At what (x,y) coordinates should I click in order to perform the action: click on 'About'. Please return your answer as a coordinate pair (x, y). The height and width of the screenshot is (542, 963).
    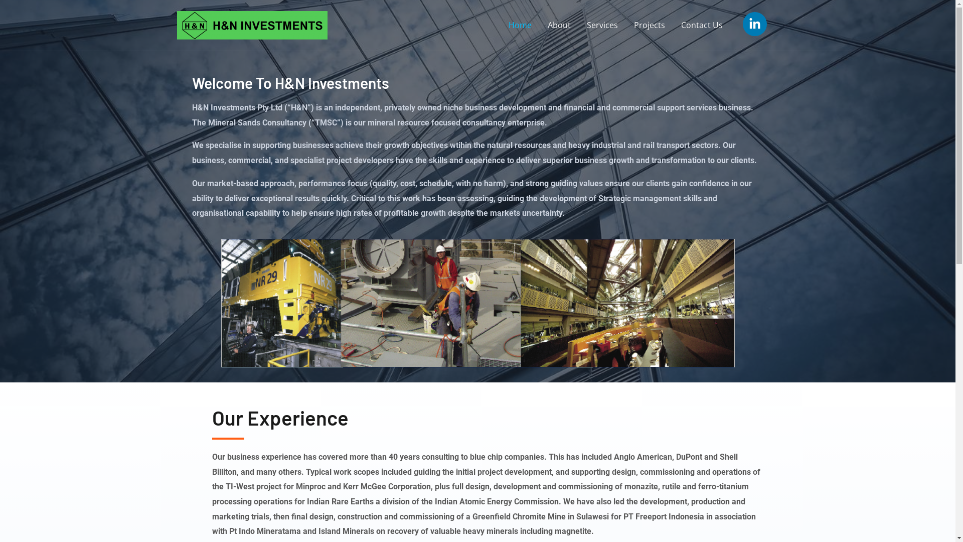
    Looking at the image, I should click on (558, 25).